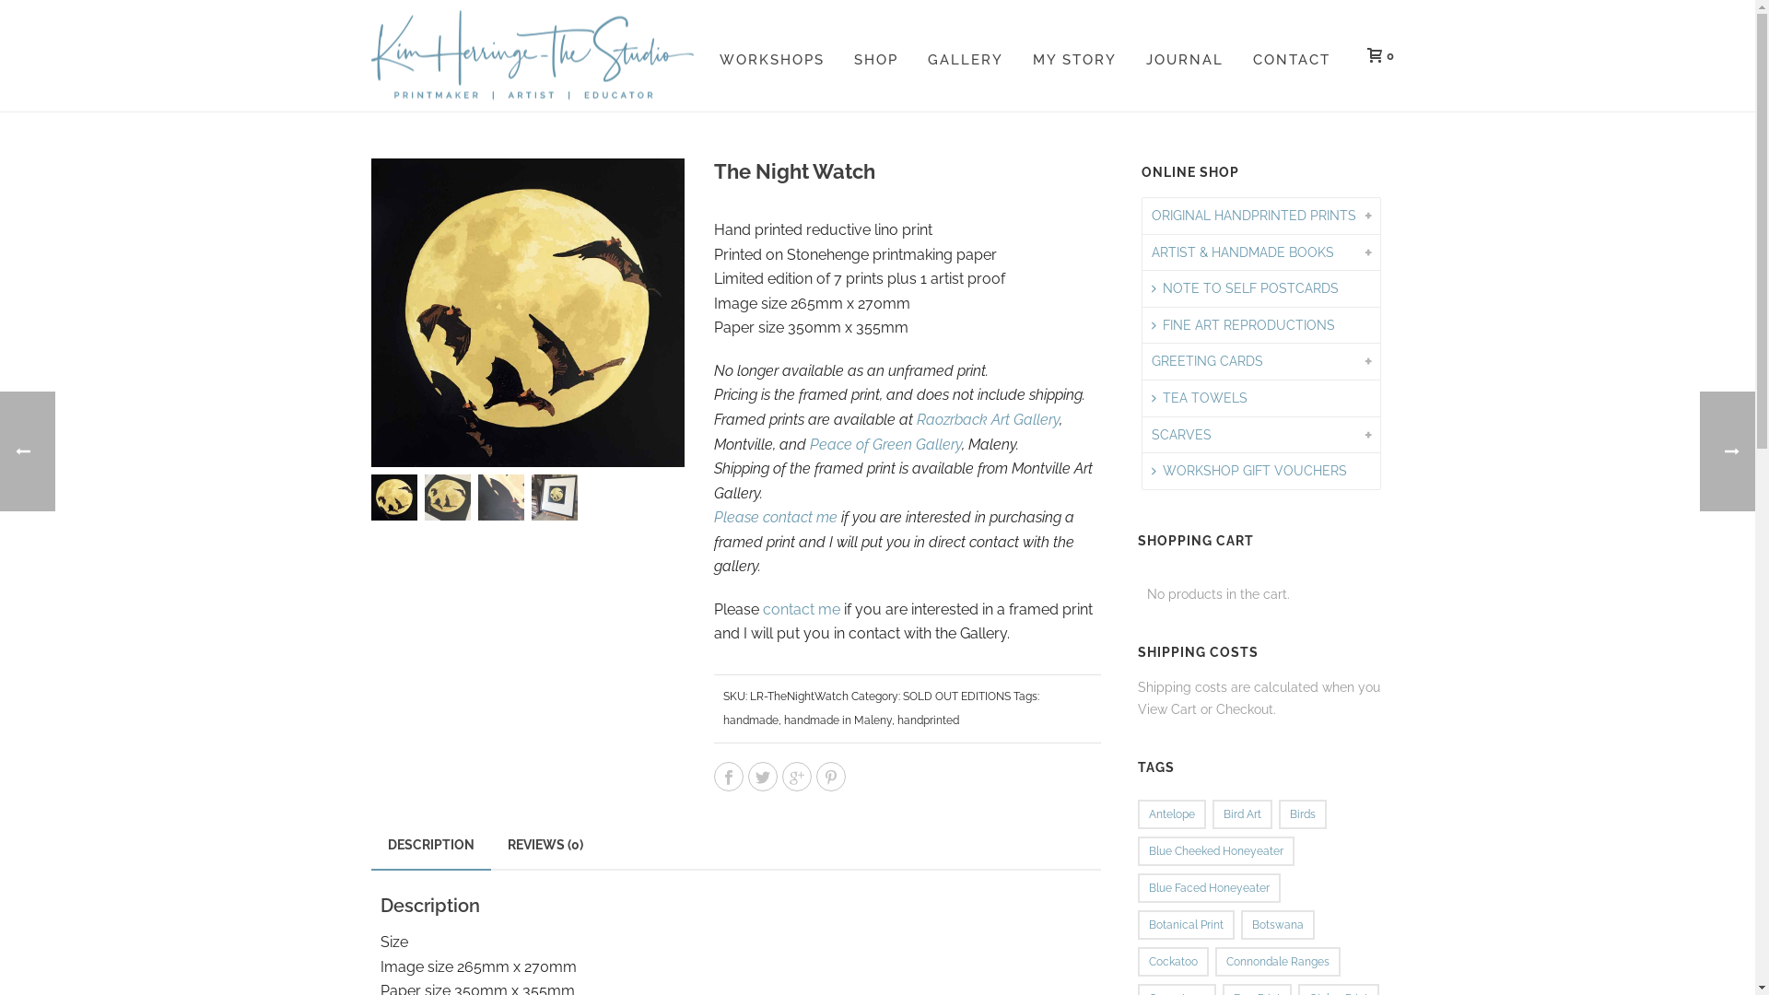 The image size is (1769, 995). What do you see at coordinates (1207, 361) in the screenshot?
I see `'GREETING CARDS'` at bounding box center [1207, 361].